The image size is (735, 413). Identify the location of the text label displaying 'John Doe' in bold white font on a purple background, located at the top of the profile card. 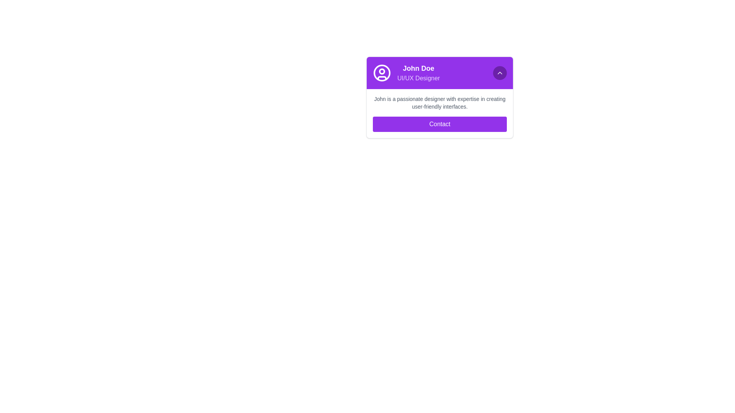
(418, 68).